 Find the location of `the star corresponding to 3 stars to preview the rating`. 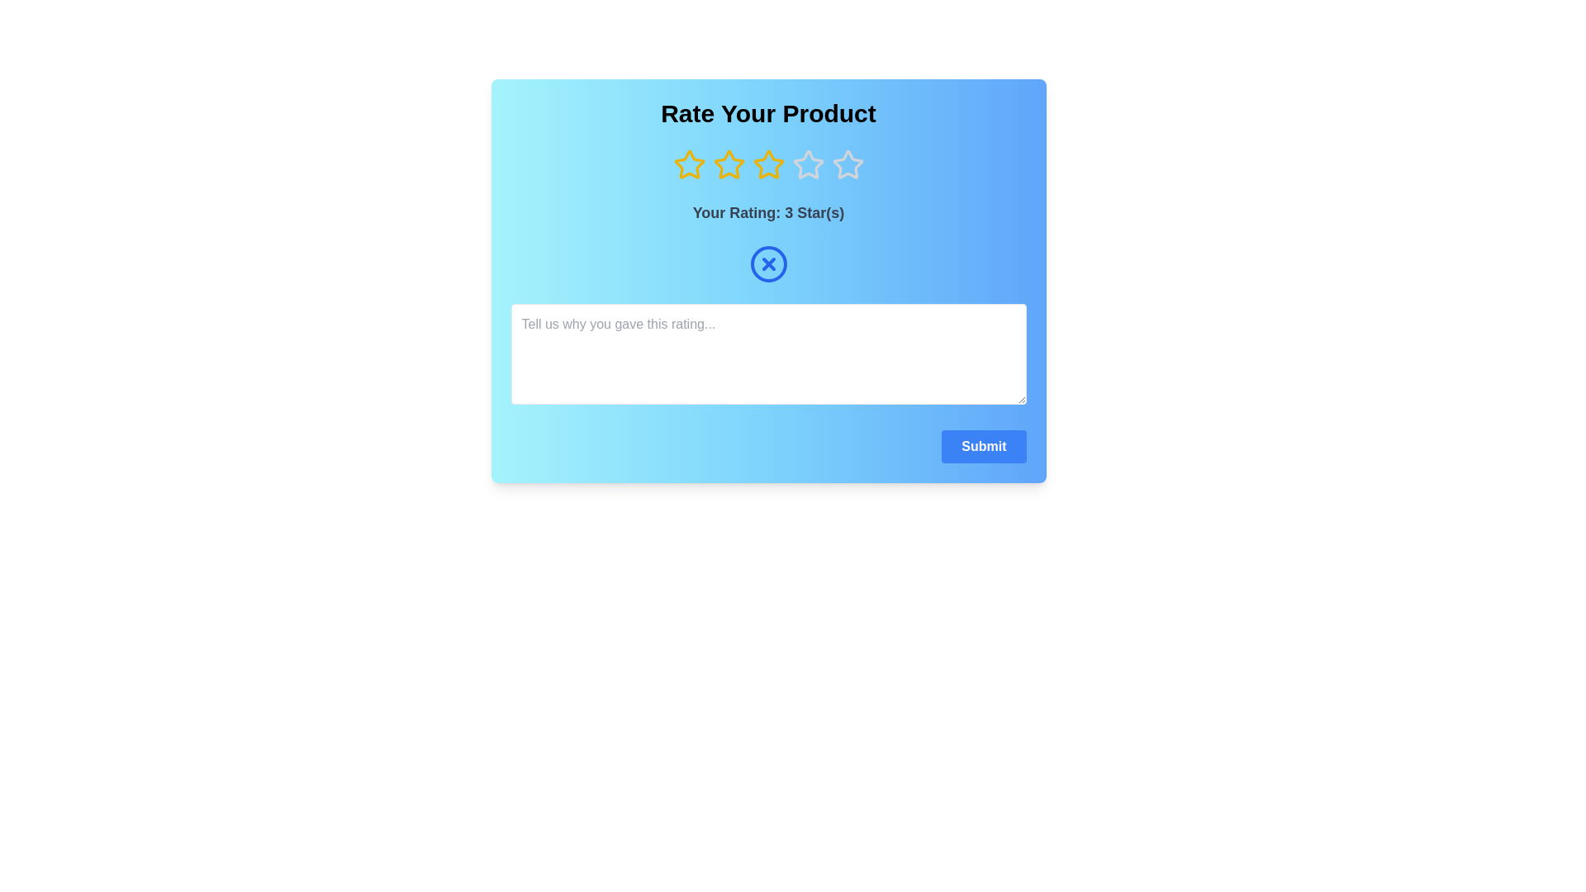

the star corresponding to 3 stars to preview the rating is located at coordinates (767, 165).